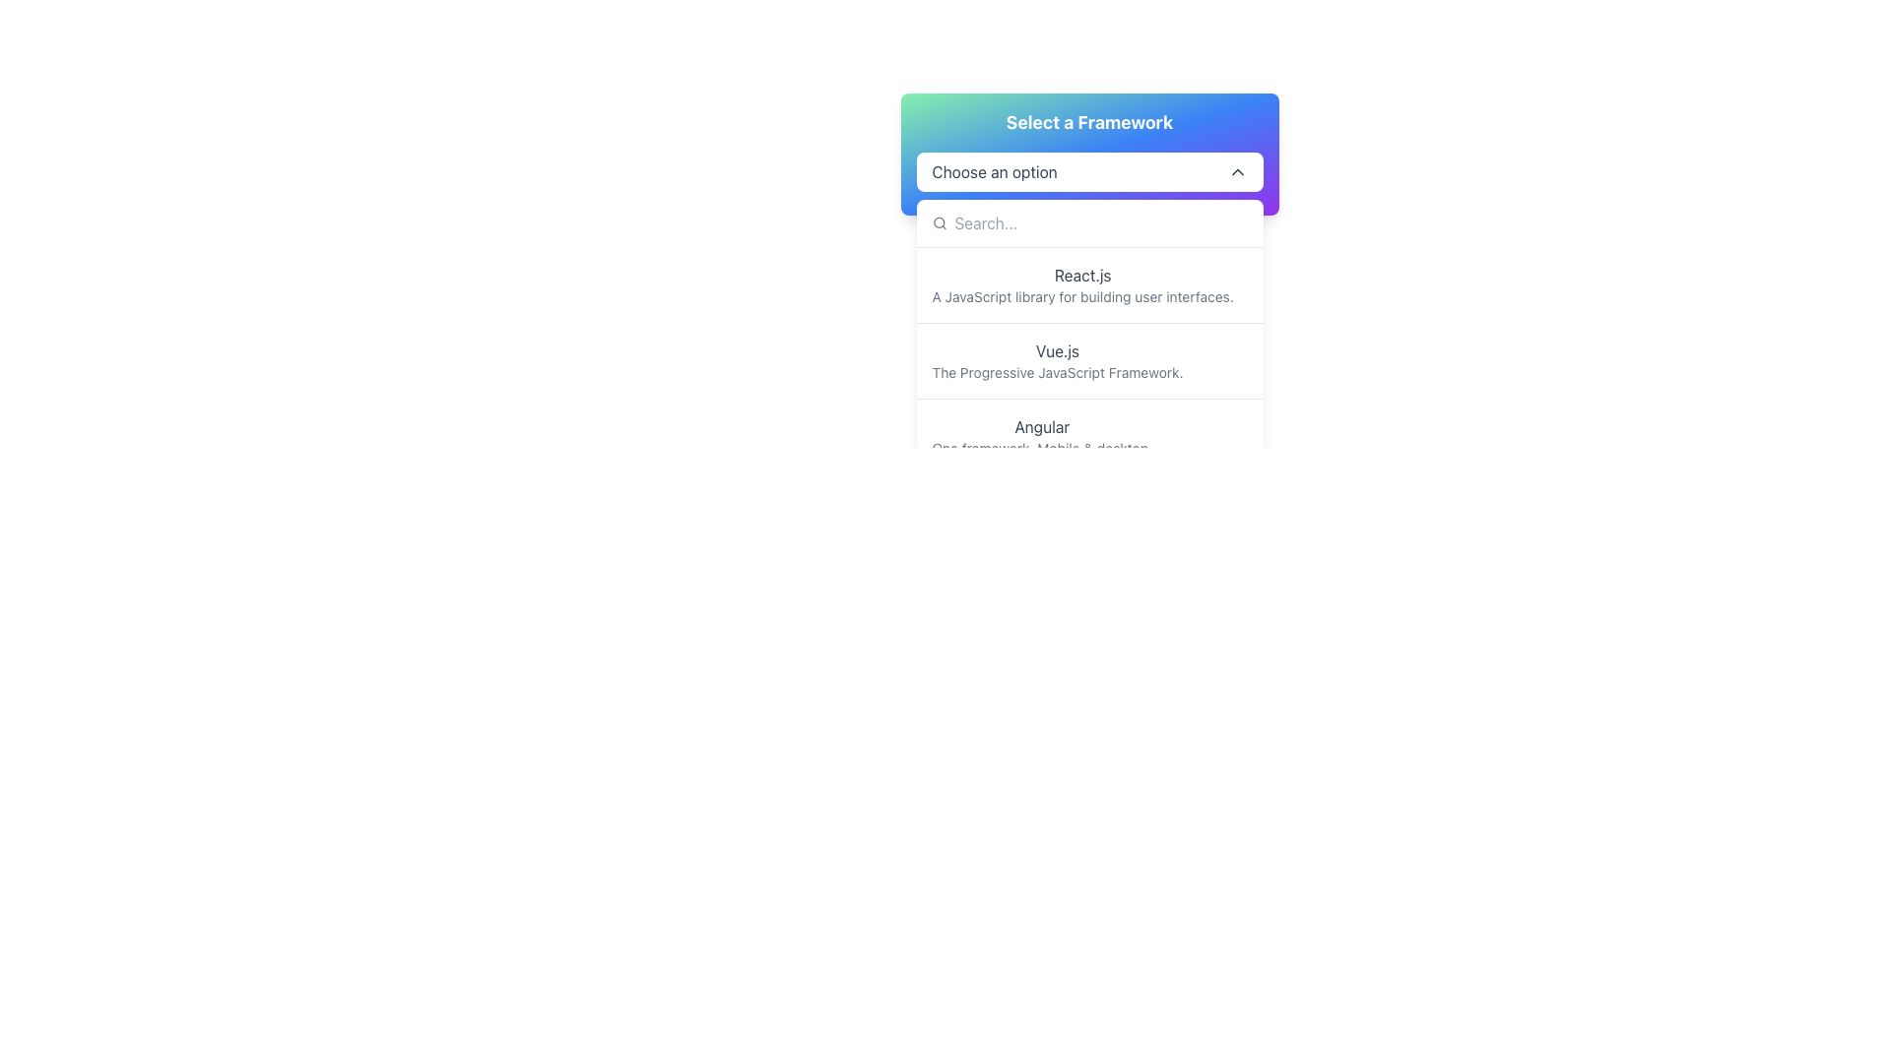 This screenshot has height=1063, width=1891. Describe the element at coordinates (1041, 426) in the screenshot. I see `the 'Angular' text label in the dropdown, which is displayed in bold and larger font, located in the third row under the 'Vue.js' header` at that location.